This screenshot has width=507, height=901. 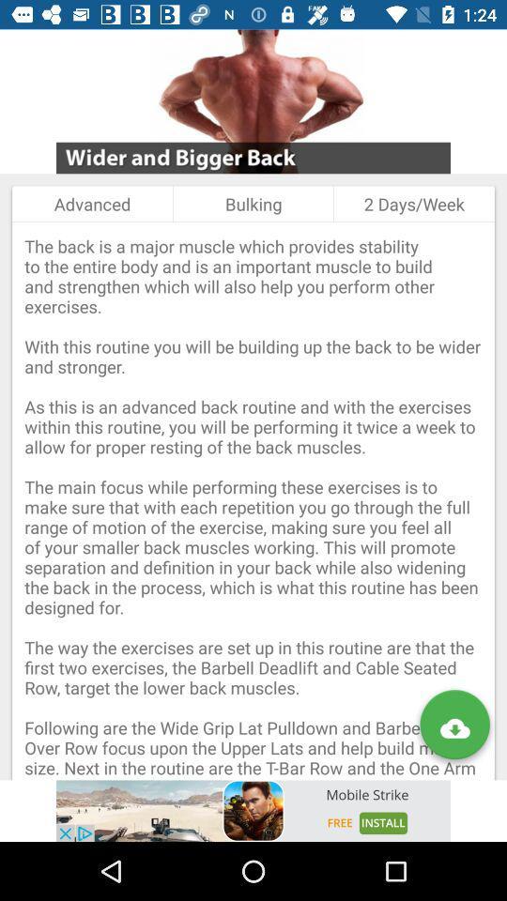 What do you see at coordinates (253, 500) in the screenshot?
I see `the back is` at bounding box center [253, 500].